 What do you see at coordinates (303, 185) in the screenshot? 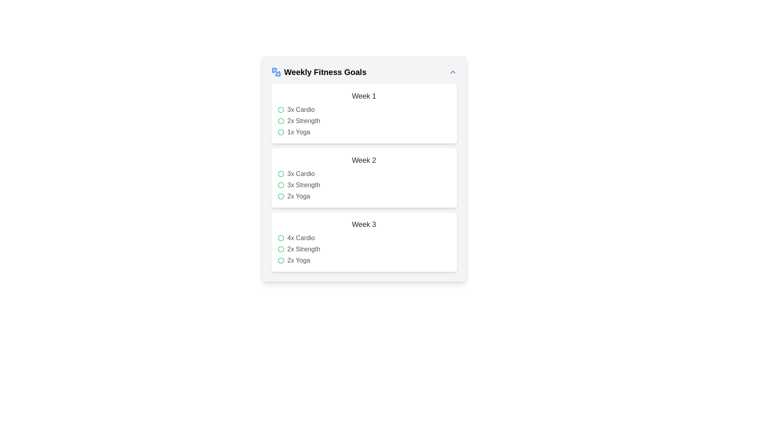
I see `the fitness goal text label that specifies the type and frequency of the activity, located in the 'Weekly Fitness Goals' section under 'Week 2', positioned as the second entry in the list` at bounding box center [303, 185].